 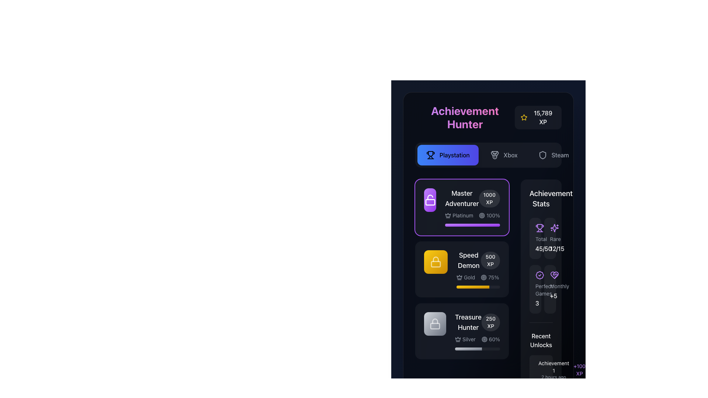 I want to click on displayed value of the text indicating the completion rate of the 'Master Adventurer' achievement located at the bottom right corner of the card, adjacent to the 'Platinum' label, so click(x=489, y=216).